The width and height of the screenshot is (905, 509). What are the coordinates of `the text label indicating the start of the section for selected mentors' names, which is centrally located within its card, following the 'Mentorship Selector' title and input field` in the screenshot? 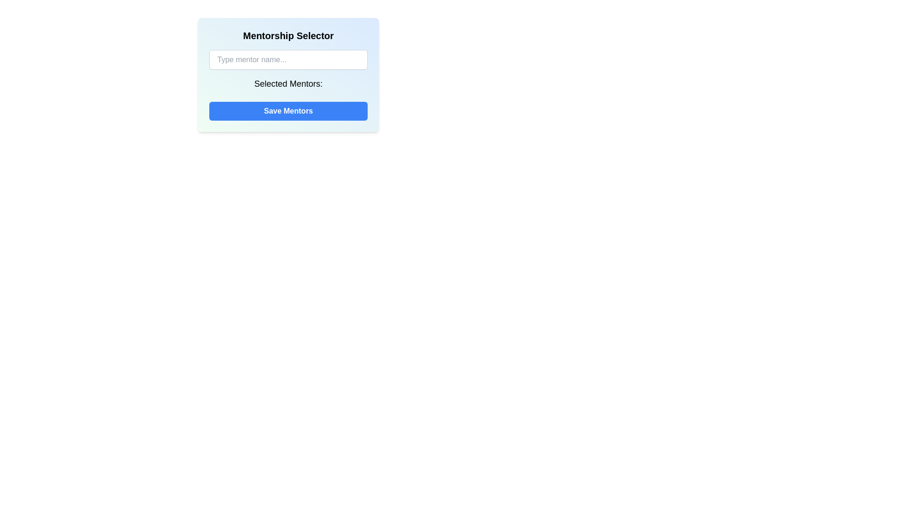 It's located at (288, 85).